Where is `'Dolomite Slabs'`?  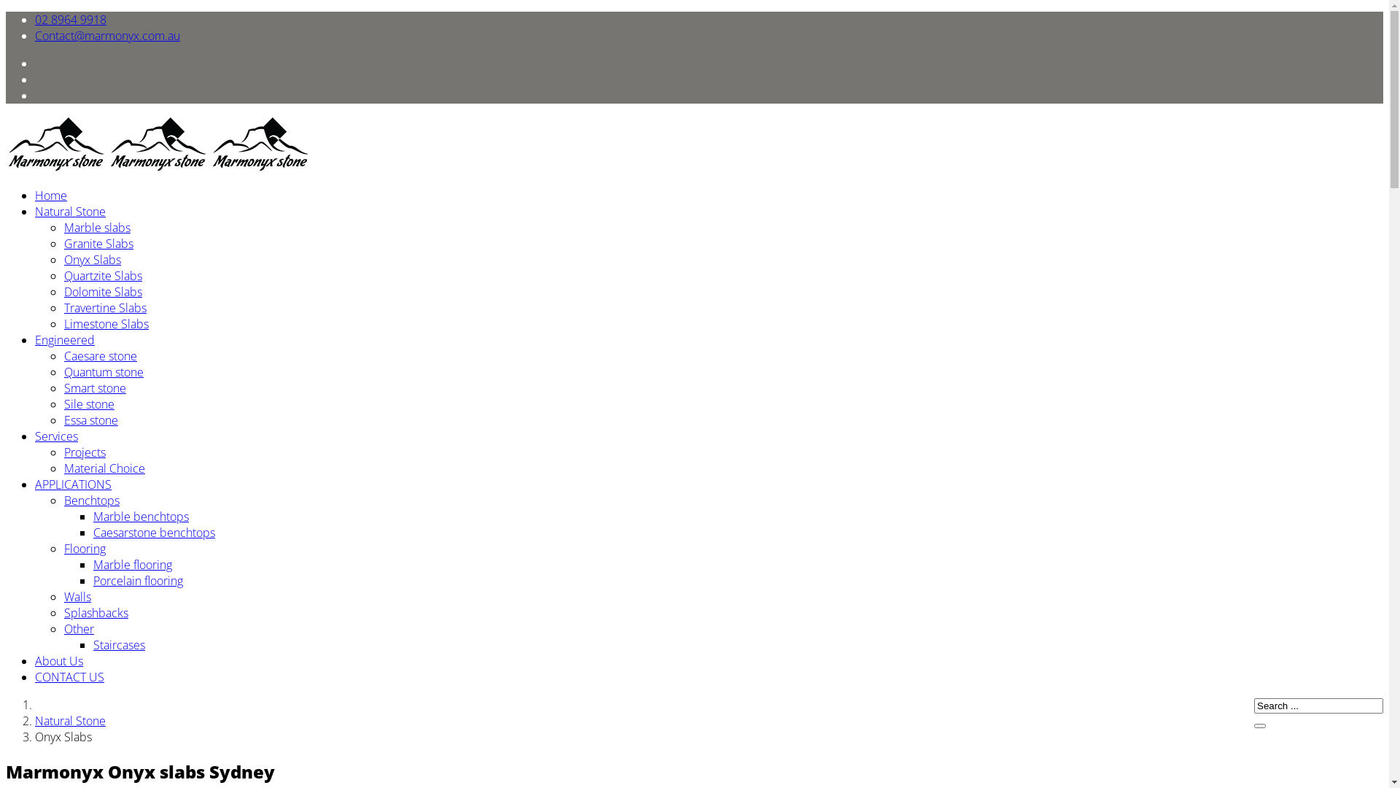 'Dolomite Slabs' is located at coordinates (102, 292).